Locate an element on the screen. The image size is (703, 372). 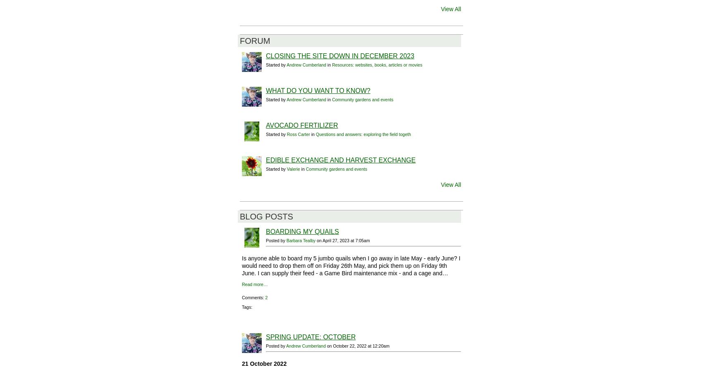
'Tags:' is located at coordinates (246, 306).